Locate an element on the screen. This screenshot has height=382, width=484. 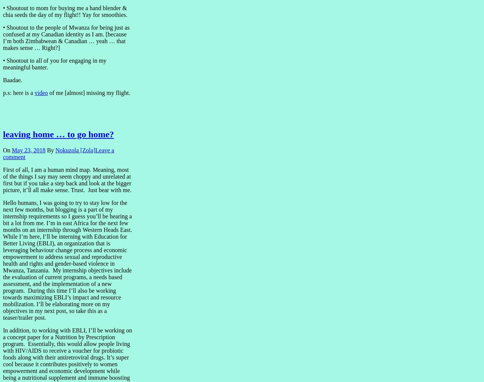
'May 23, 2018' is located at coordinates (12, 150).